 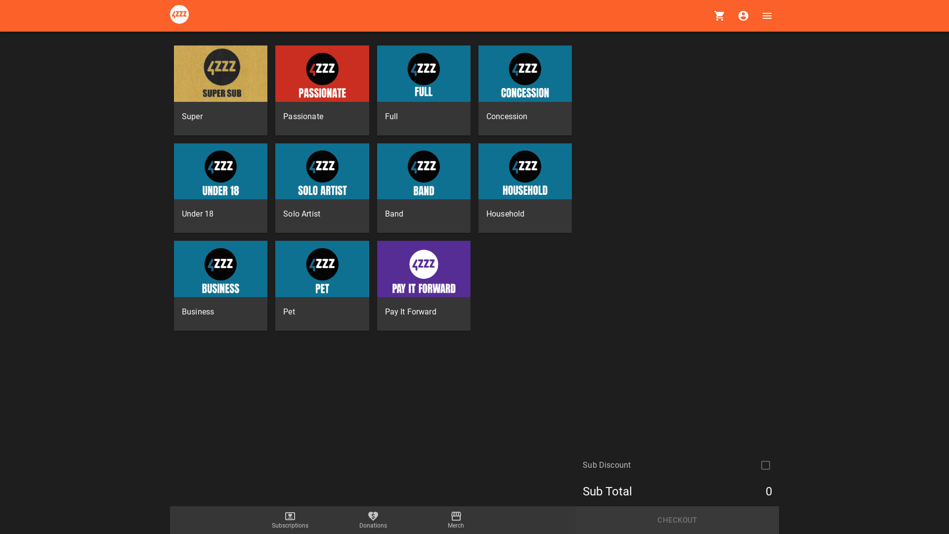 What do you see at coordinates (754, 15) in the screenshot?
I see `'Menu'` at bounding box center [754, 15].